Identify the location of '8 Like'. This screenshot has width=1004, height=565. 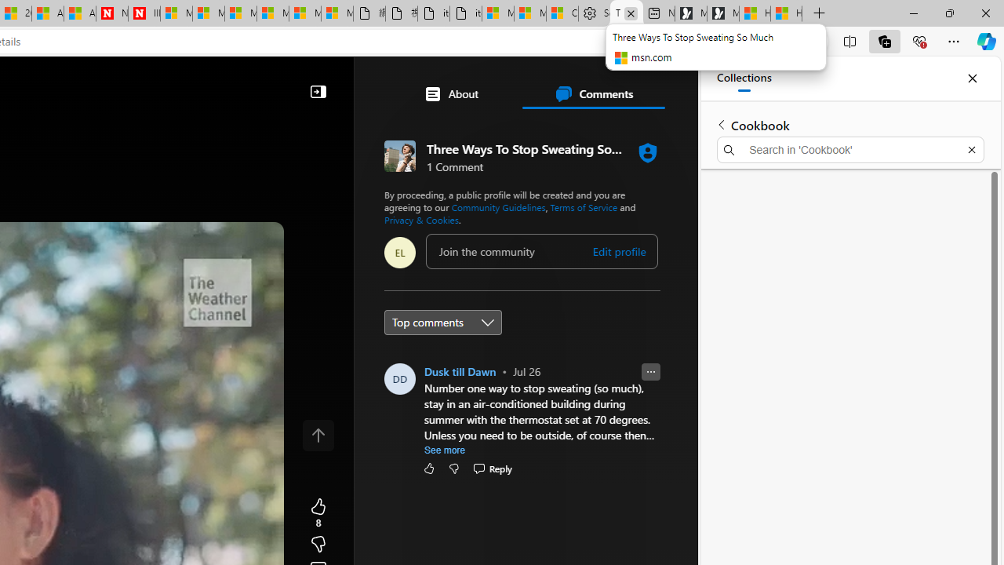
(318, 513).